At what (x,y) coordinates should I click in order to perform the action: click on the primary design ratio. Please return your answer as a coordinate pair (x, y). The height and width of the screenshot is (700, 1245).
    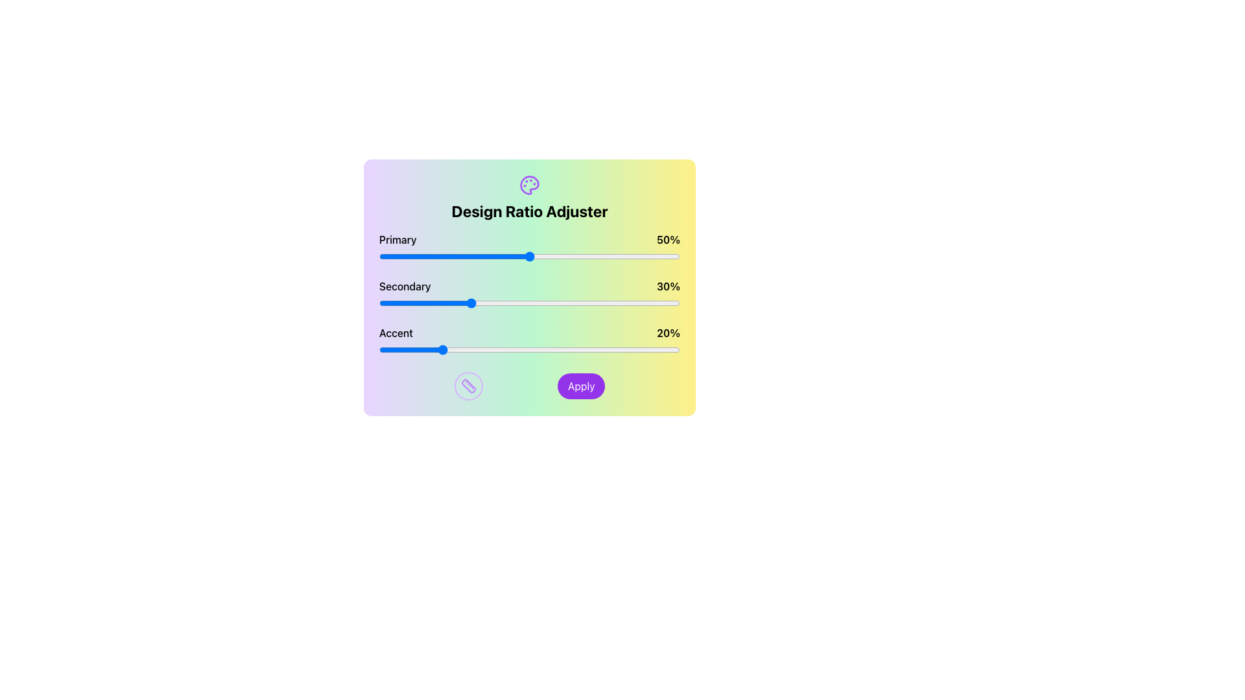
    Looking at the image, I should click on (504, 257).